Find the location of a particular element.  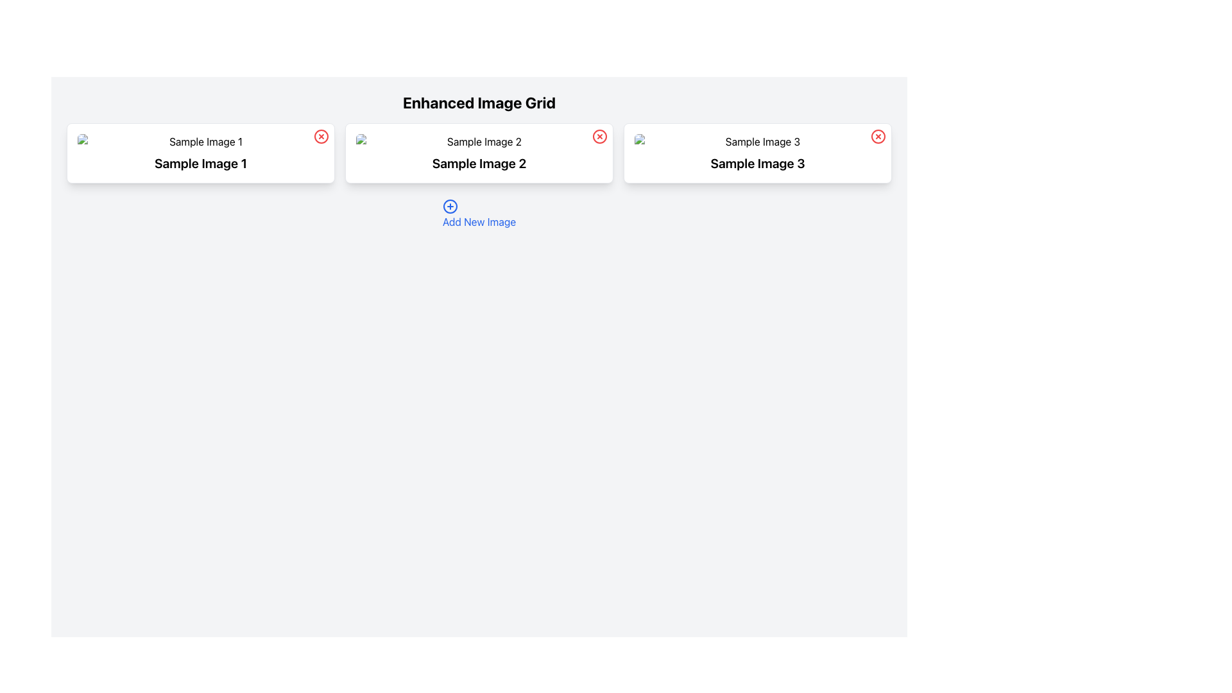

the third Card element in the three-column grid layout that displays an image and title is located at coordinates (757, 153).